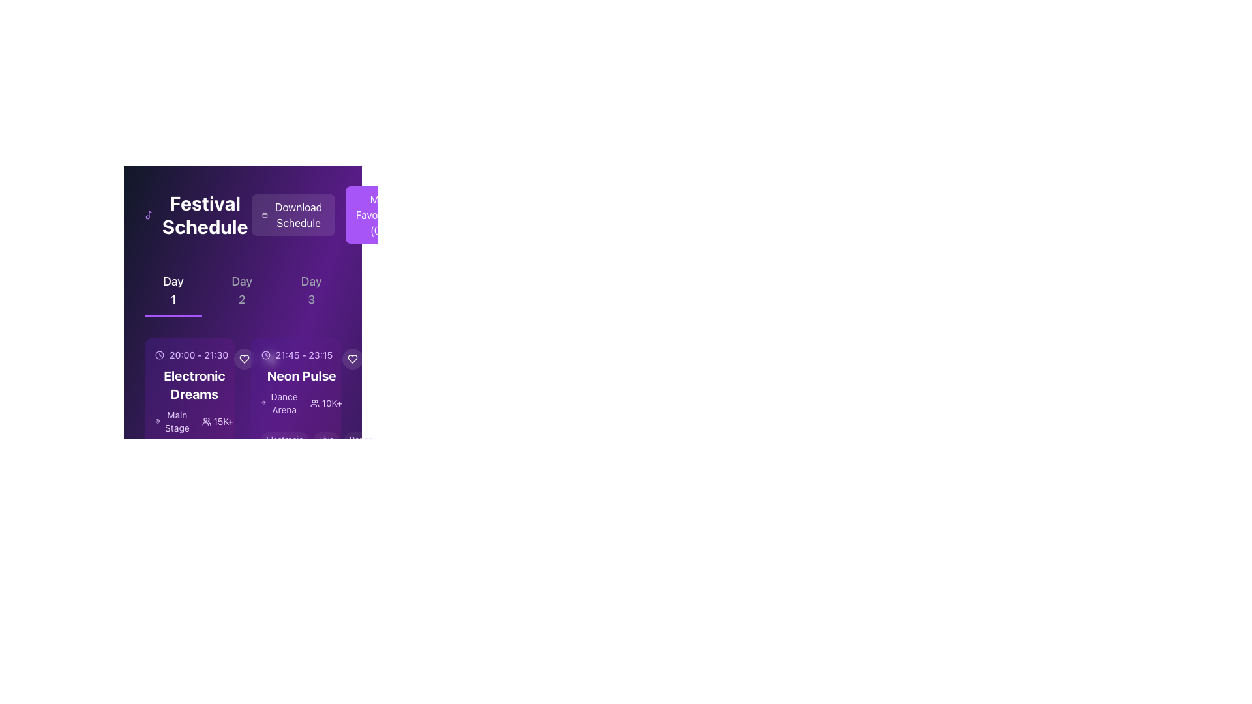 Image resolution: width=1252 pixels, height=704 pixels. What do you see at coordinates (157, 422) in the screenshot?
I see `the map pin icon indicating the location of the 'Main Stage' for the event 'Electronic Dreams', positioned above the participant count of '15K+'` at bounding box center [157, 422].